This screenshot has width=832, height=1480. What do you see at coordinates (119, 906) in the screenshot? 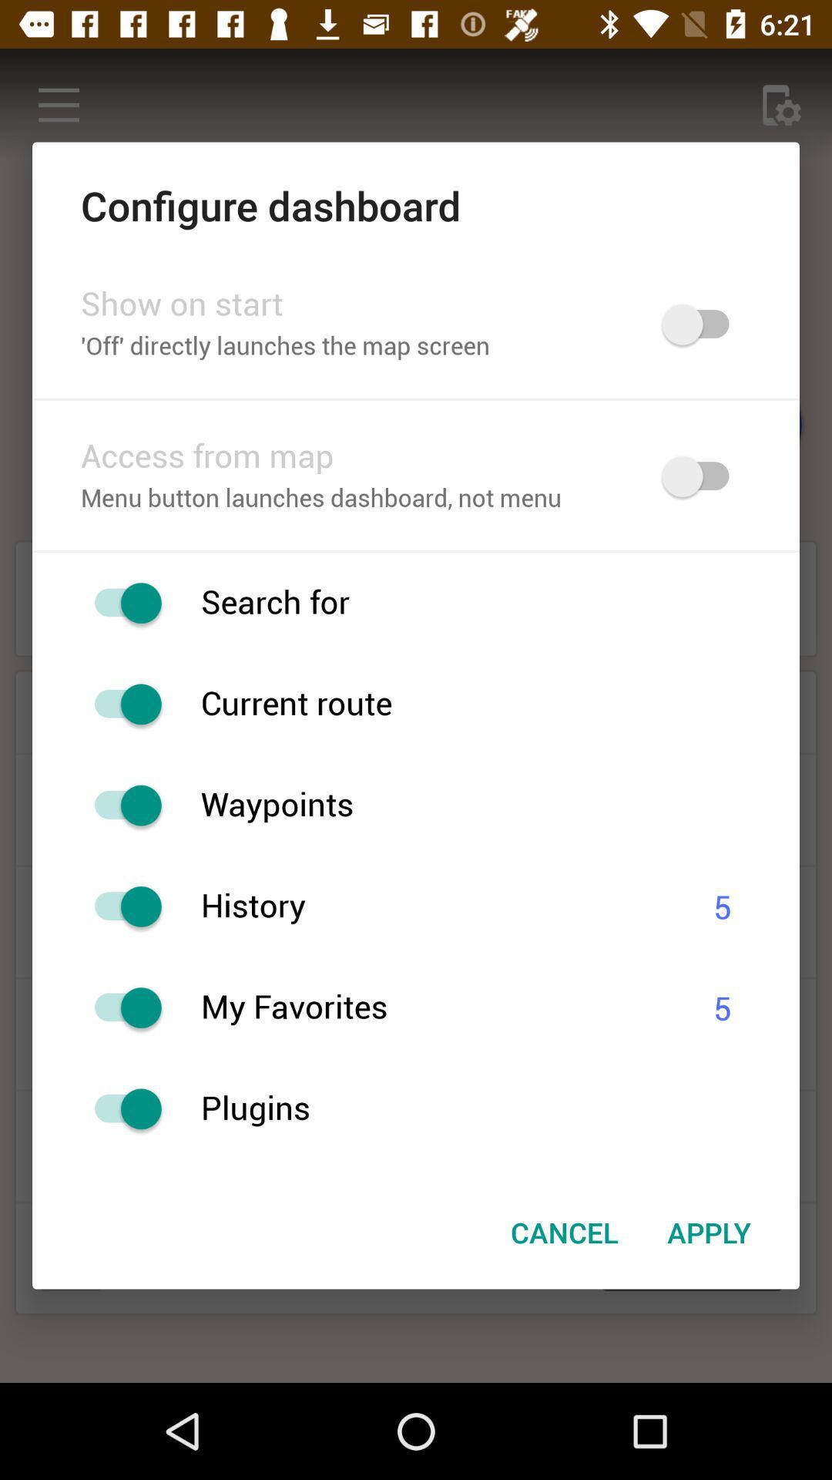
I see `history option` at bounding box center [119, 906].